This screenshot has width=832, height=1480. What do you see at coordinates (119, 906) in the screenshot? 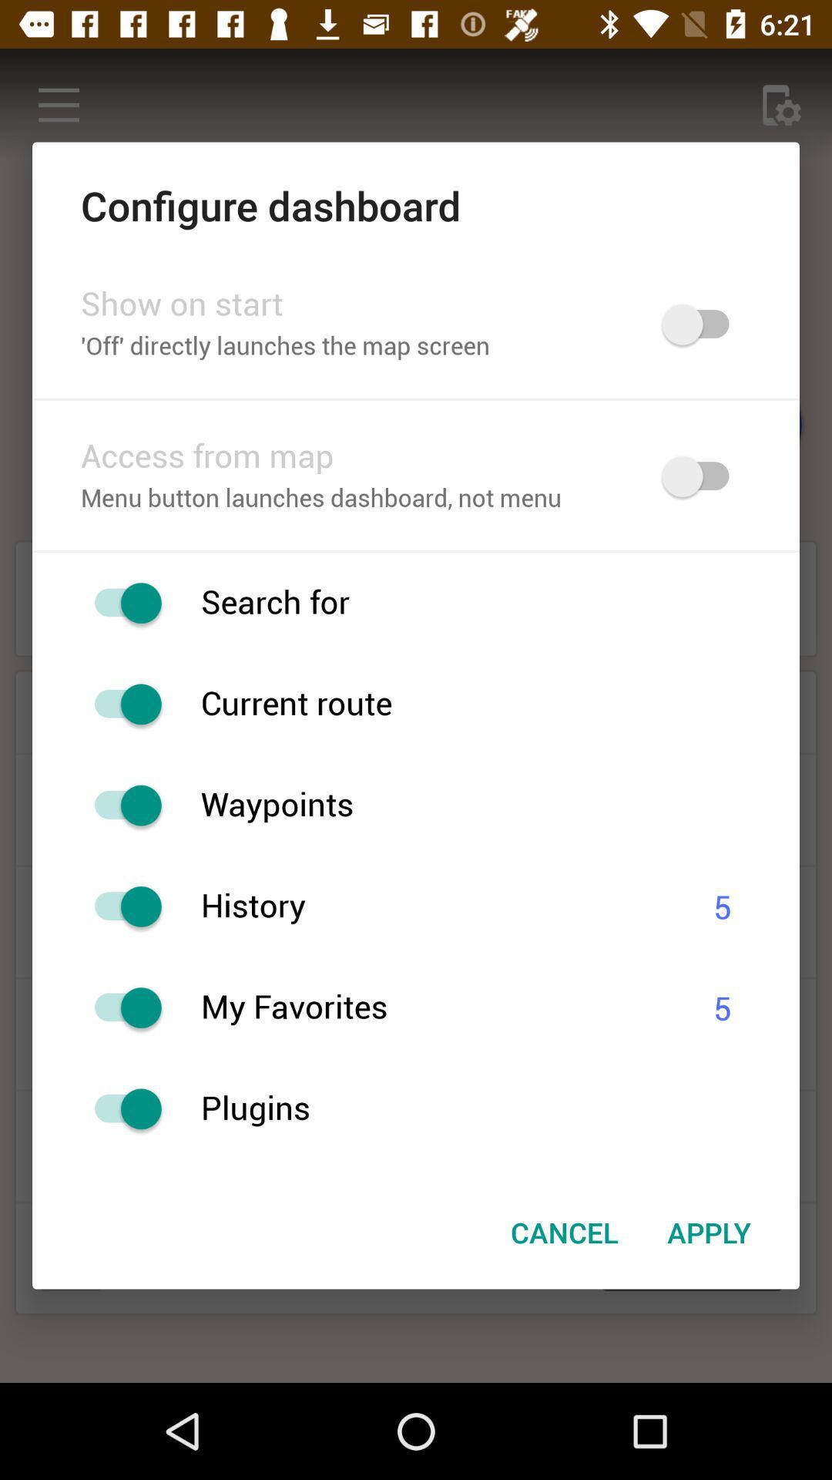
I see `history option` at bounding box center [119, 906].